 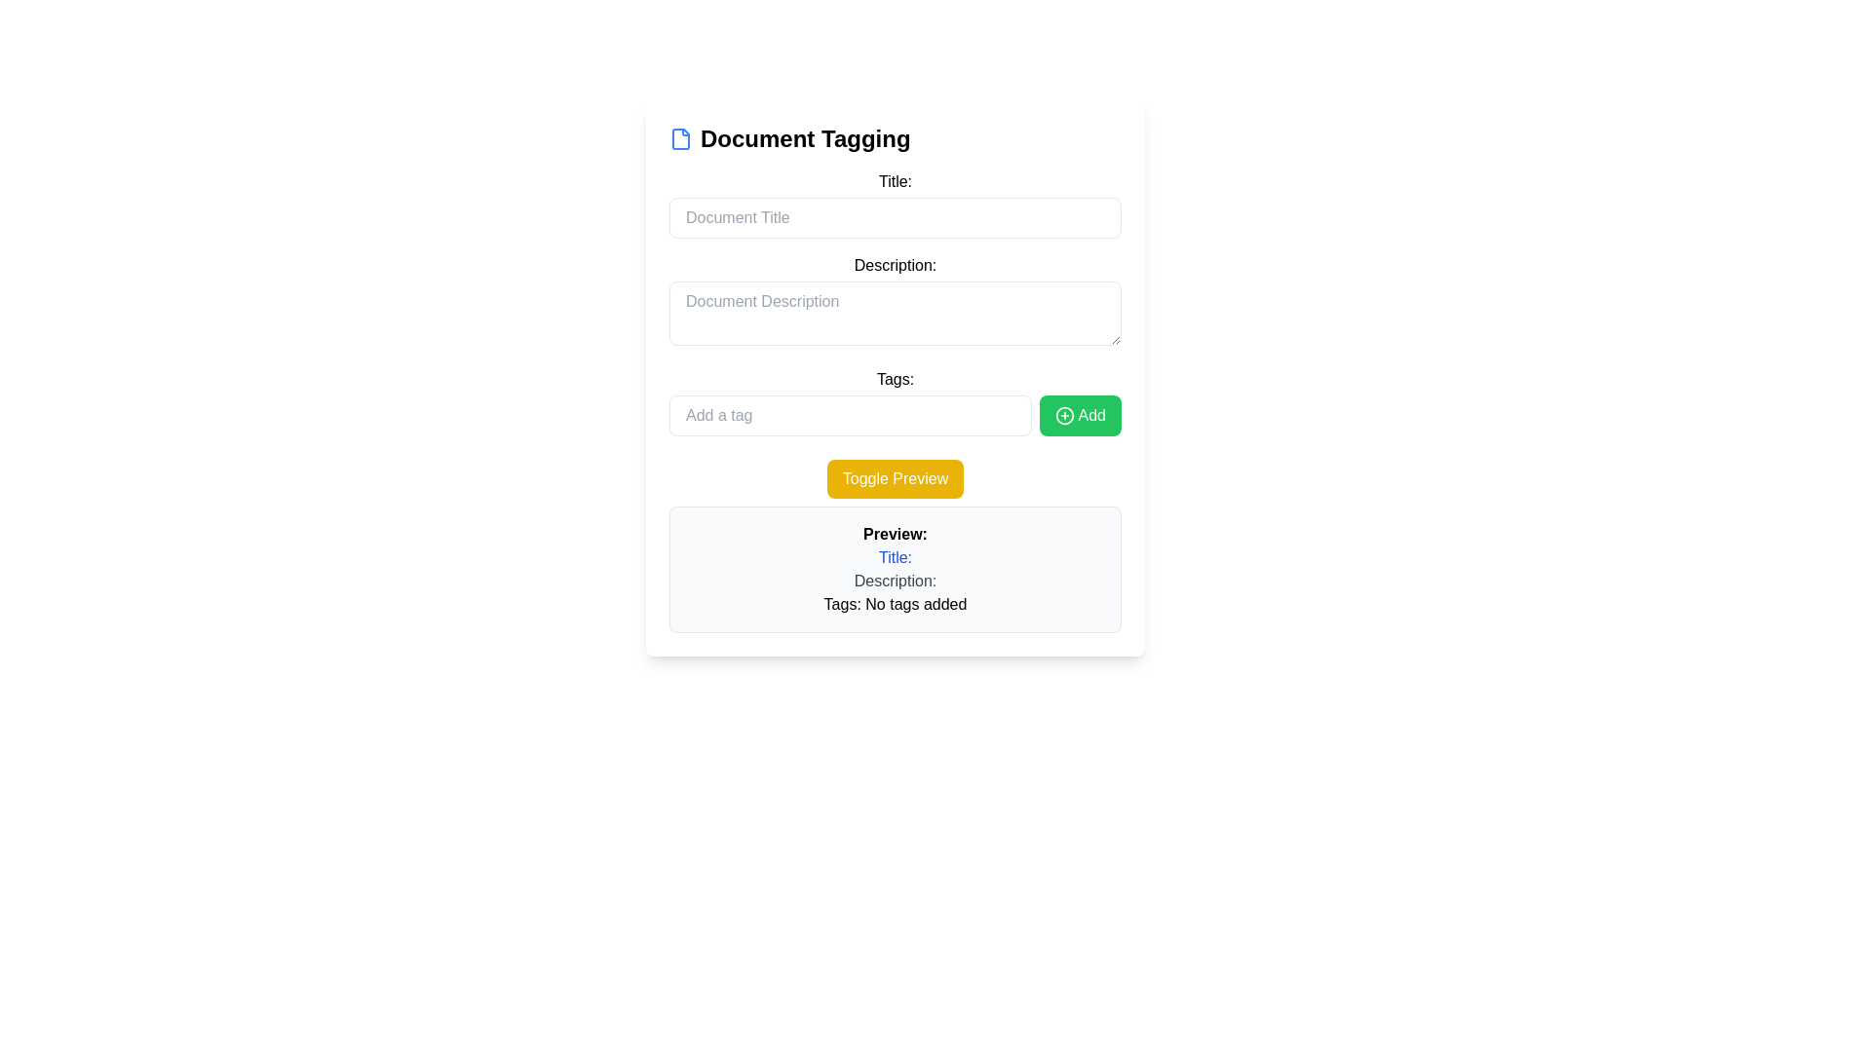 What do you see at coordinates (894, 379) in the screenshot?
I see `the text label indicating the input field for tags, which is positioned directly above the 'Add a tag' field in the form interface under the 'Description' field` at bounding box center [894, 379].